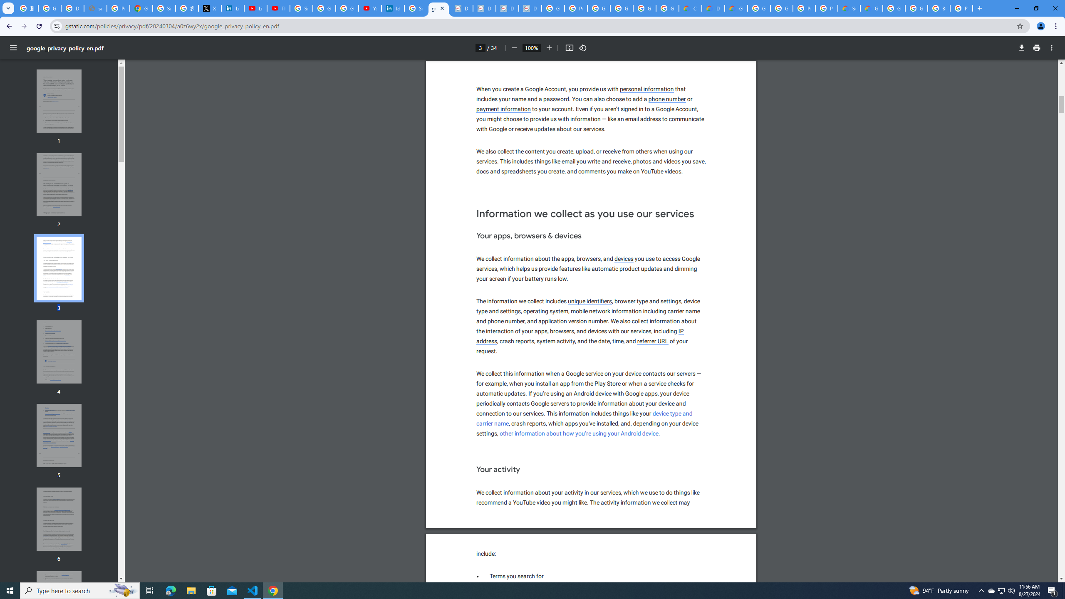  What do you see at coordinates (59, 268) in the screenshot?
I see `'Thumbnail for page 3'` at bounding box center [59, 268].